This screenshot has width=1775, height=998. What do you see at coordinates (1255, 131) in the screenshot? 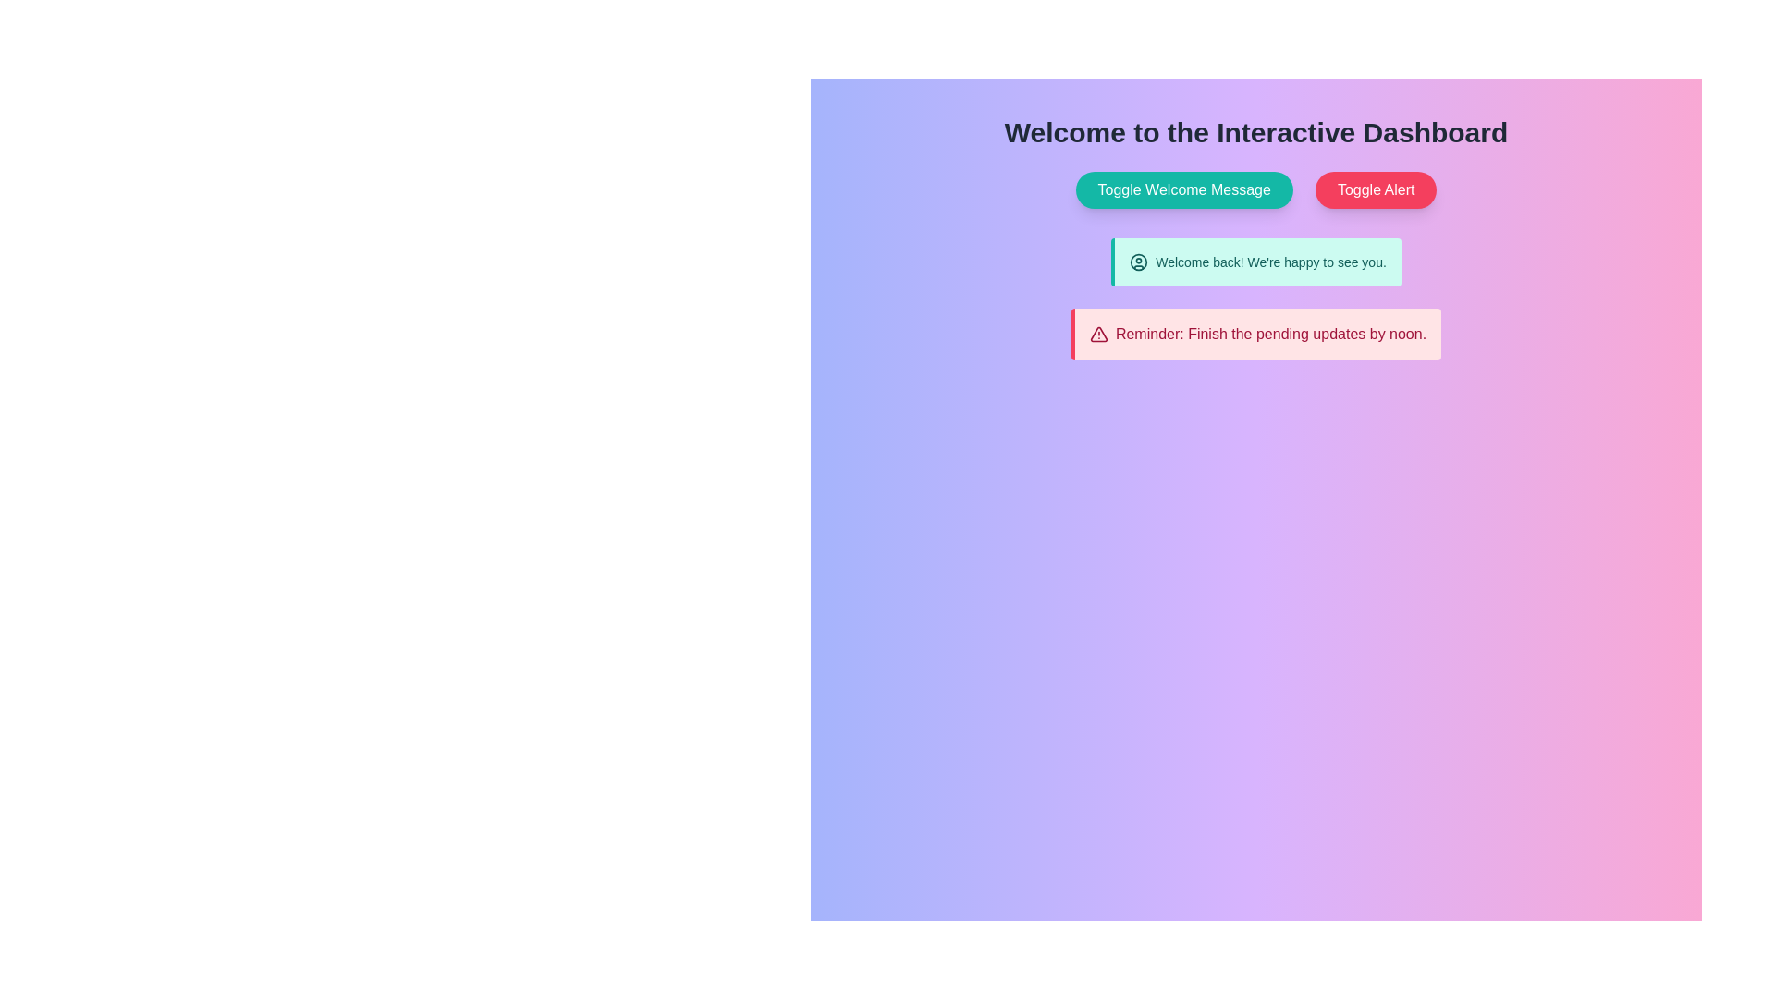
I see `text from the prominent header displaying 'Welcome to the Interactive Dashboard', which is styled with a large, bold font and positioned at the upper center of the interface` at bounding box center [1255, 131].